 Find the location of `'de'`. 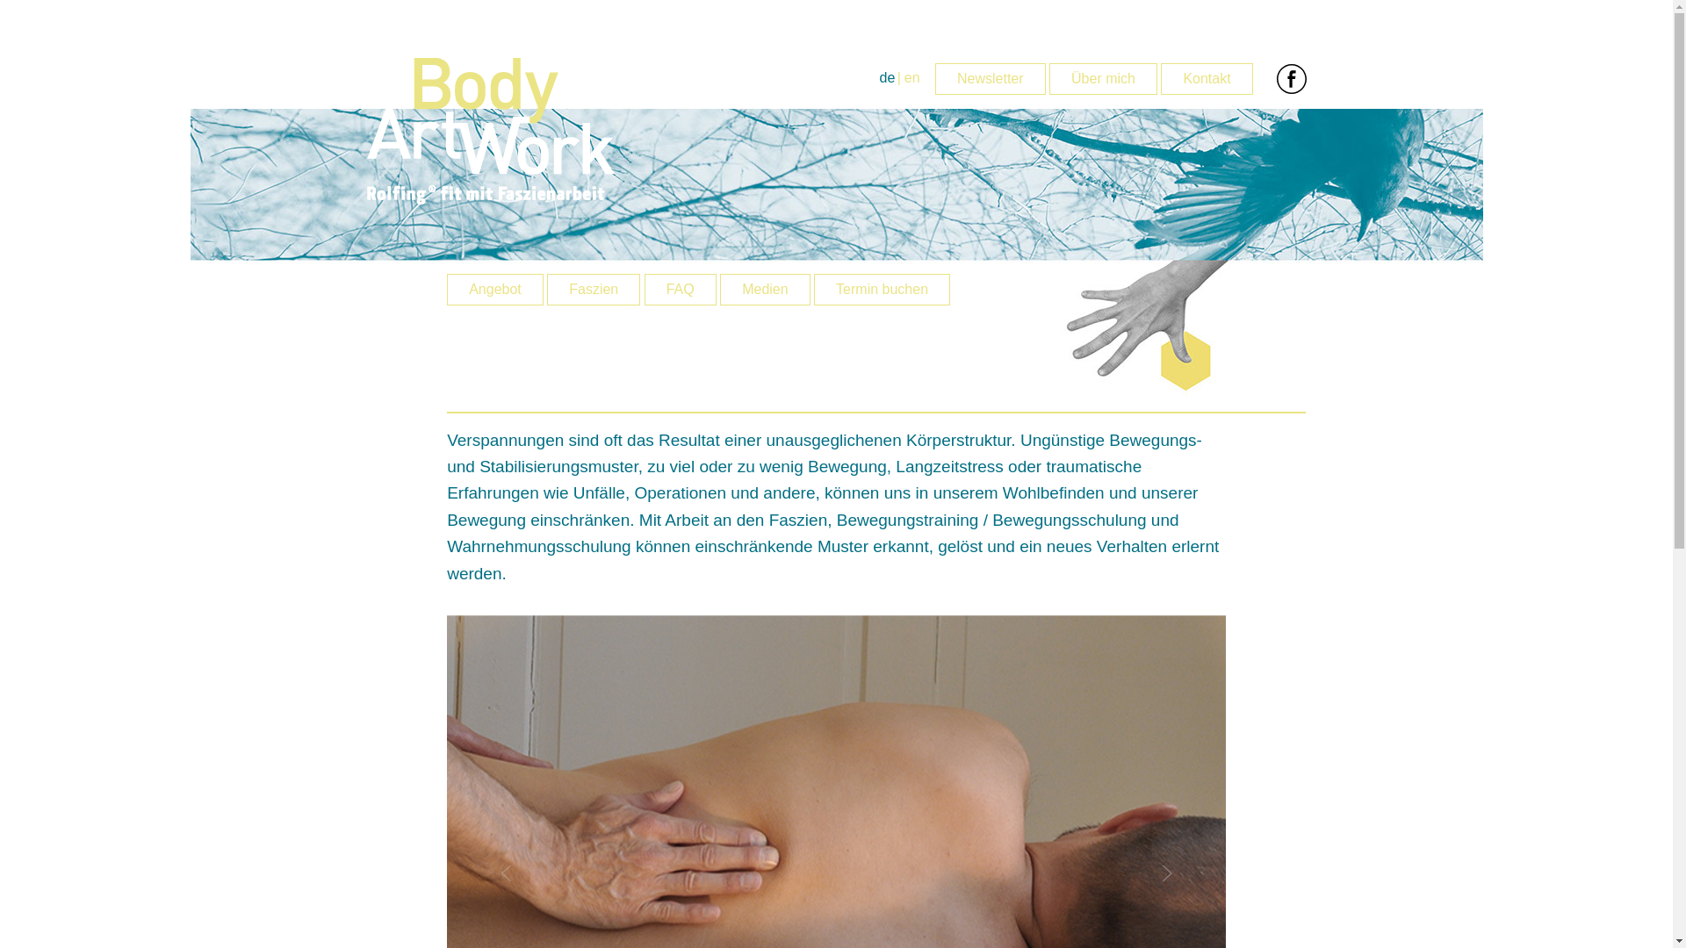

'de' is located at coordinates (888, 76).